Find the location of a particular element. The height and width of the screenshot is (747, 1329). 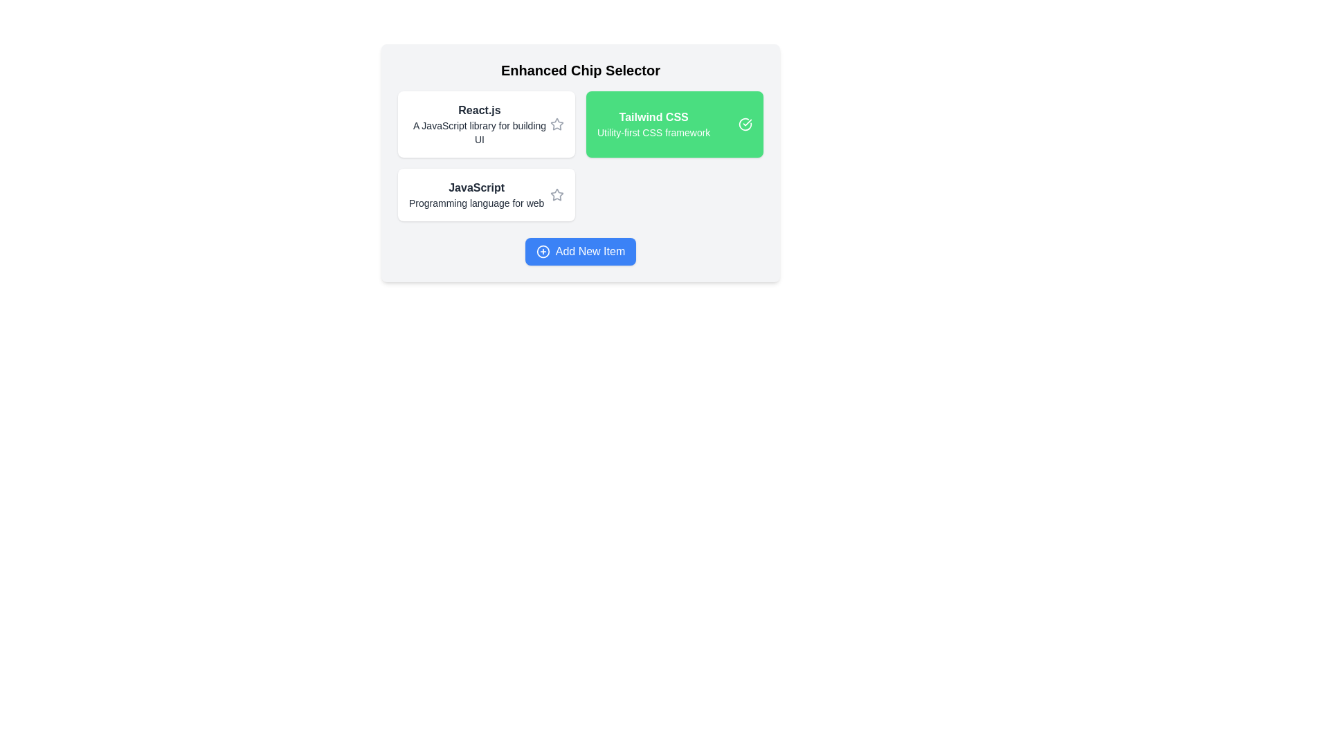

the star-shaped icon styled with gray color next to the 'JavaScript' text in the top-right corner of the card is located at coordinates (557, 194).